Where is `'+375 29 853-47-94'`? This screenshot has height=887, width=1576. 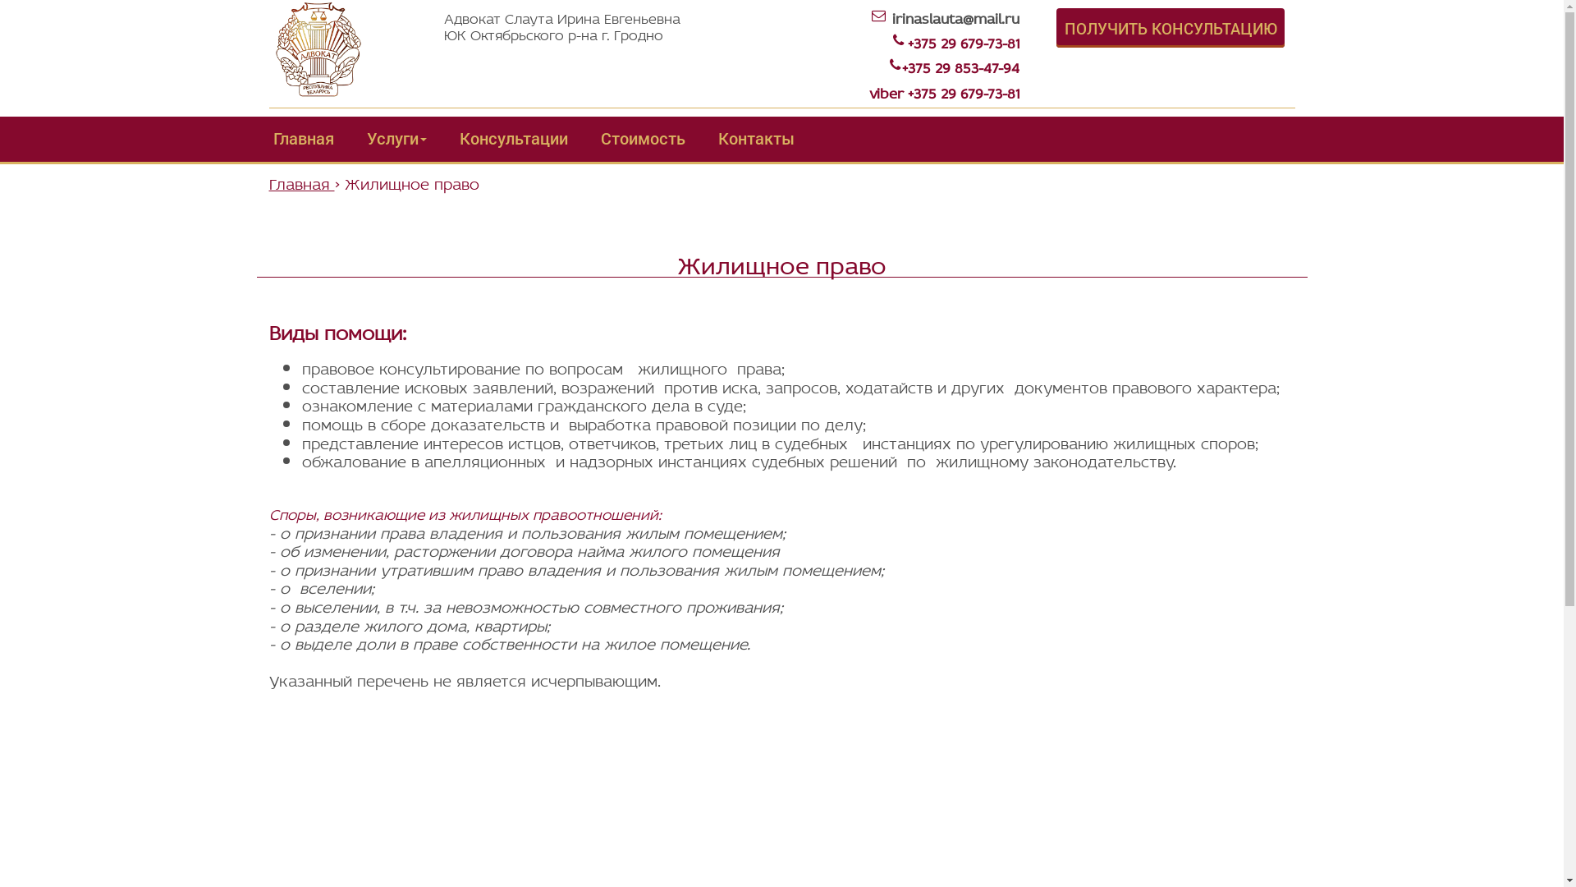
'+375 29 853-47-94' is located at coordinates (901, 65).